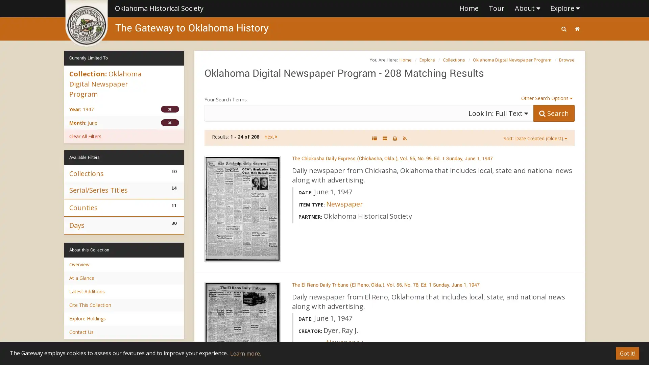  Describe the element at coordinates (124, 173) in the screenshot. I see `Filter these results to one of 10 Collections` at that location.